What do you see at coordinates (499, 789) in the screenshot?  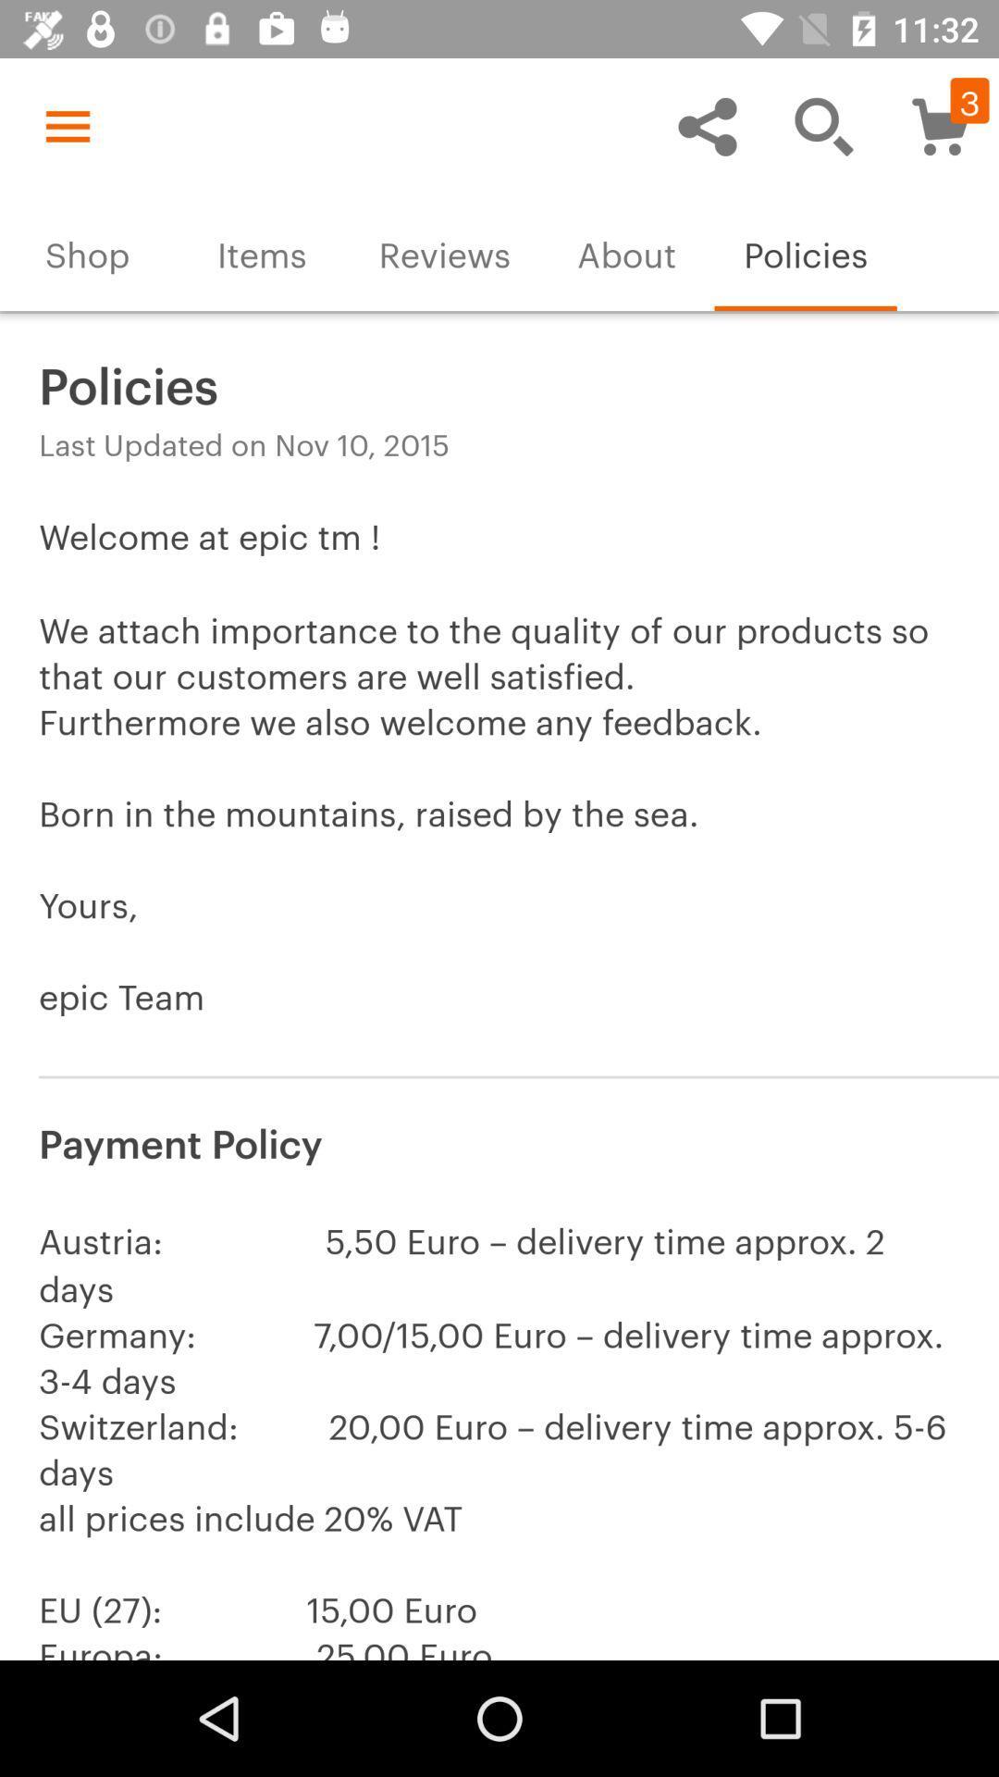 I see `welcome at epic` at bounding box center [499, 789].